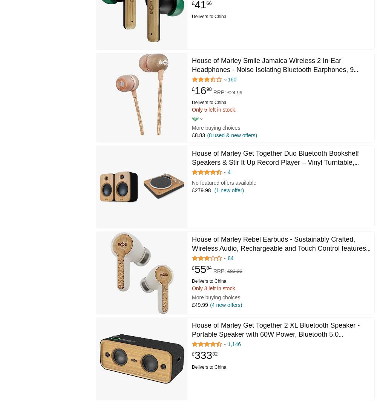  What do you see at coordinates (224, 182) in the screenshot?
I see `'No featured offers available'` at bounding box center [224, 182].